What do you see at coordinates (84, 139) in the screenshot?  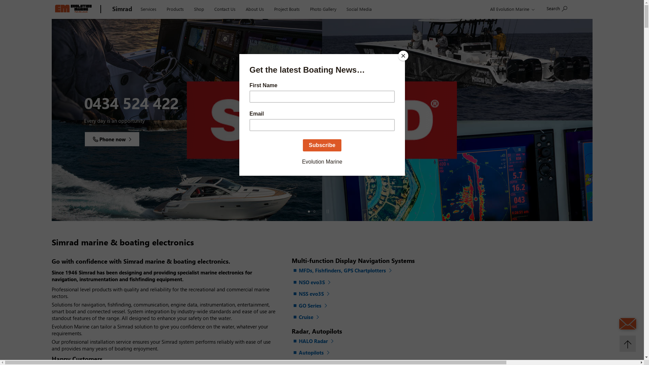 I see `'Visit now'` at bounding box center [84, 139].